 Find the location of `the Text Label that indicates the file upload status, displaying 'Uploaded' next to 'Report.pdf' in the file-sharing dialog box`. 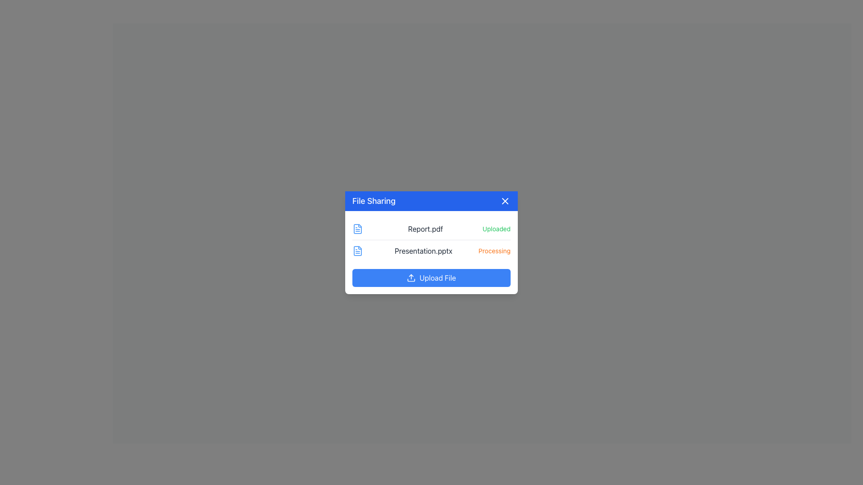

the Text Label that indicates the file upload status, displaying 'Uploaded' next to 'Report.pdf' in the file-sharing dialog box is located at coordinates (496, 228).